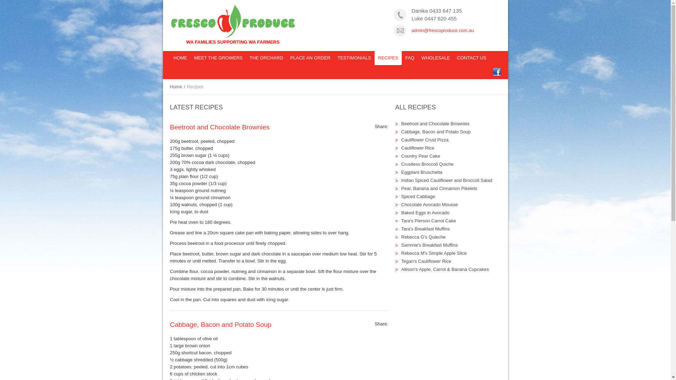 The width and height of the screenshot is (676, 380). Describe the element at coordinates (310, 58) in the screenshot. I see `'PLACE AN ORDER'` at that location.